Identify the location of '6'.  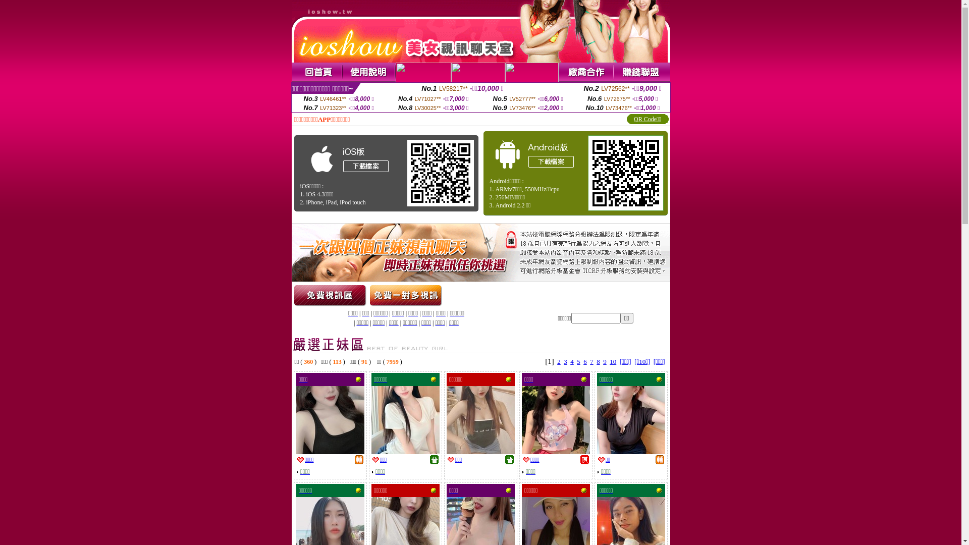
(585, 361).